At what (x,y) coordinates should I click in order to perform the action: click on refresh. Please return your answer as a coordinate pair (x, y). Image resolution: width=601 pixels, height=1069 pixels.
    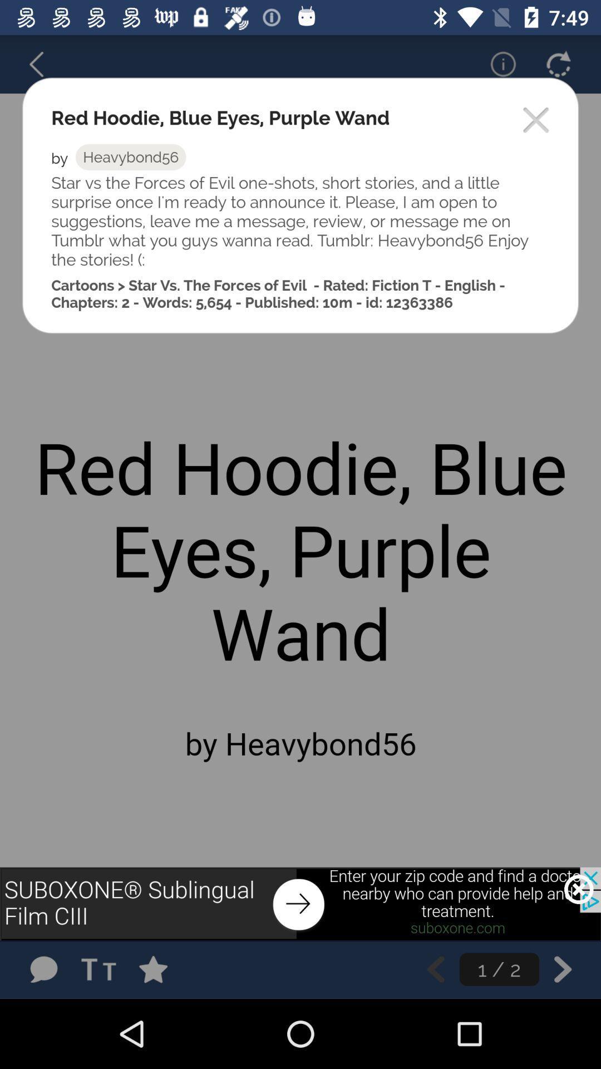
    Looking at the image, I should click on (558, 63).